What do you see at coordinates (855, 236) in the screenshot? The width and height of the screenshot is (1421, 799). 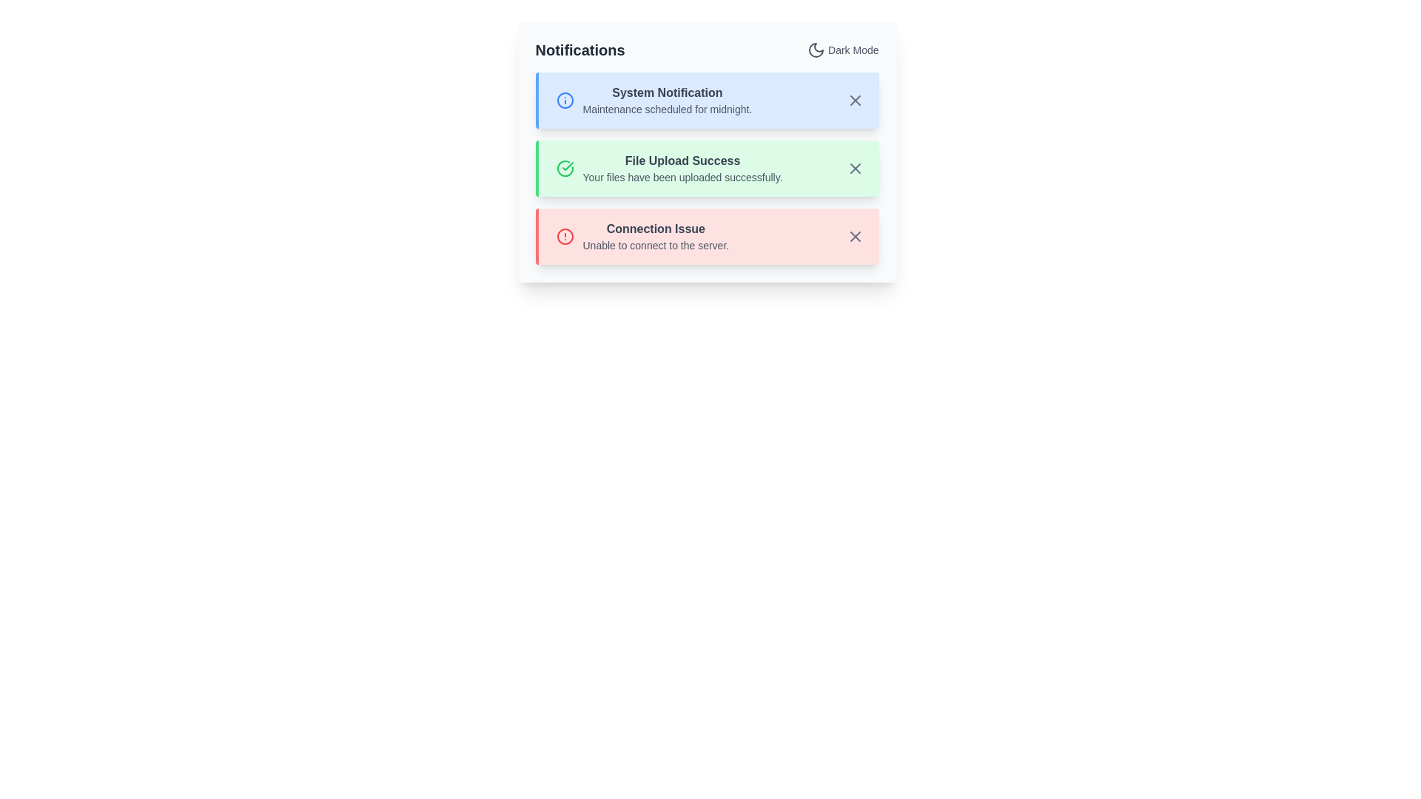 I see `the small 'X' icon close button located at the top-right corner of the 'Connection Issue' notification card` at bounding box center [855, 236].